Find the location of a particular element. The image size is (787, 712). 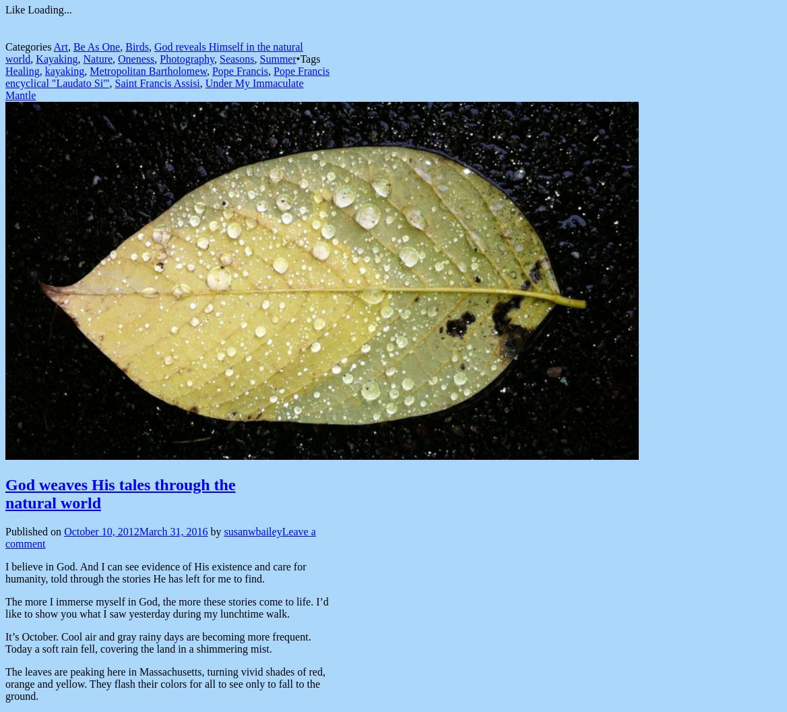

'God reveals Himself in the natural world' is located at coordinates (5, 52).